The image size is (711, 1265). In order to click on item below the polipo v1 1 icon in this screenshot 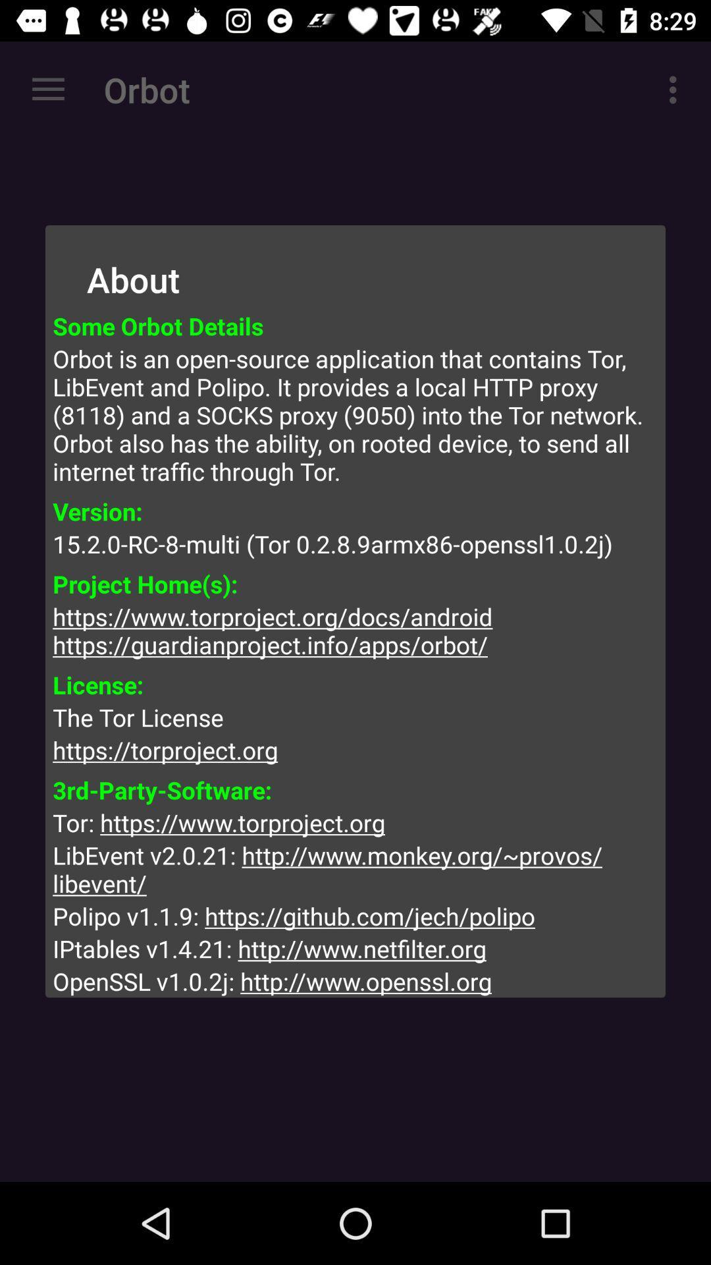, I will do `click(355, 949)`.